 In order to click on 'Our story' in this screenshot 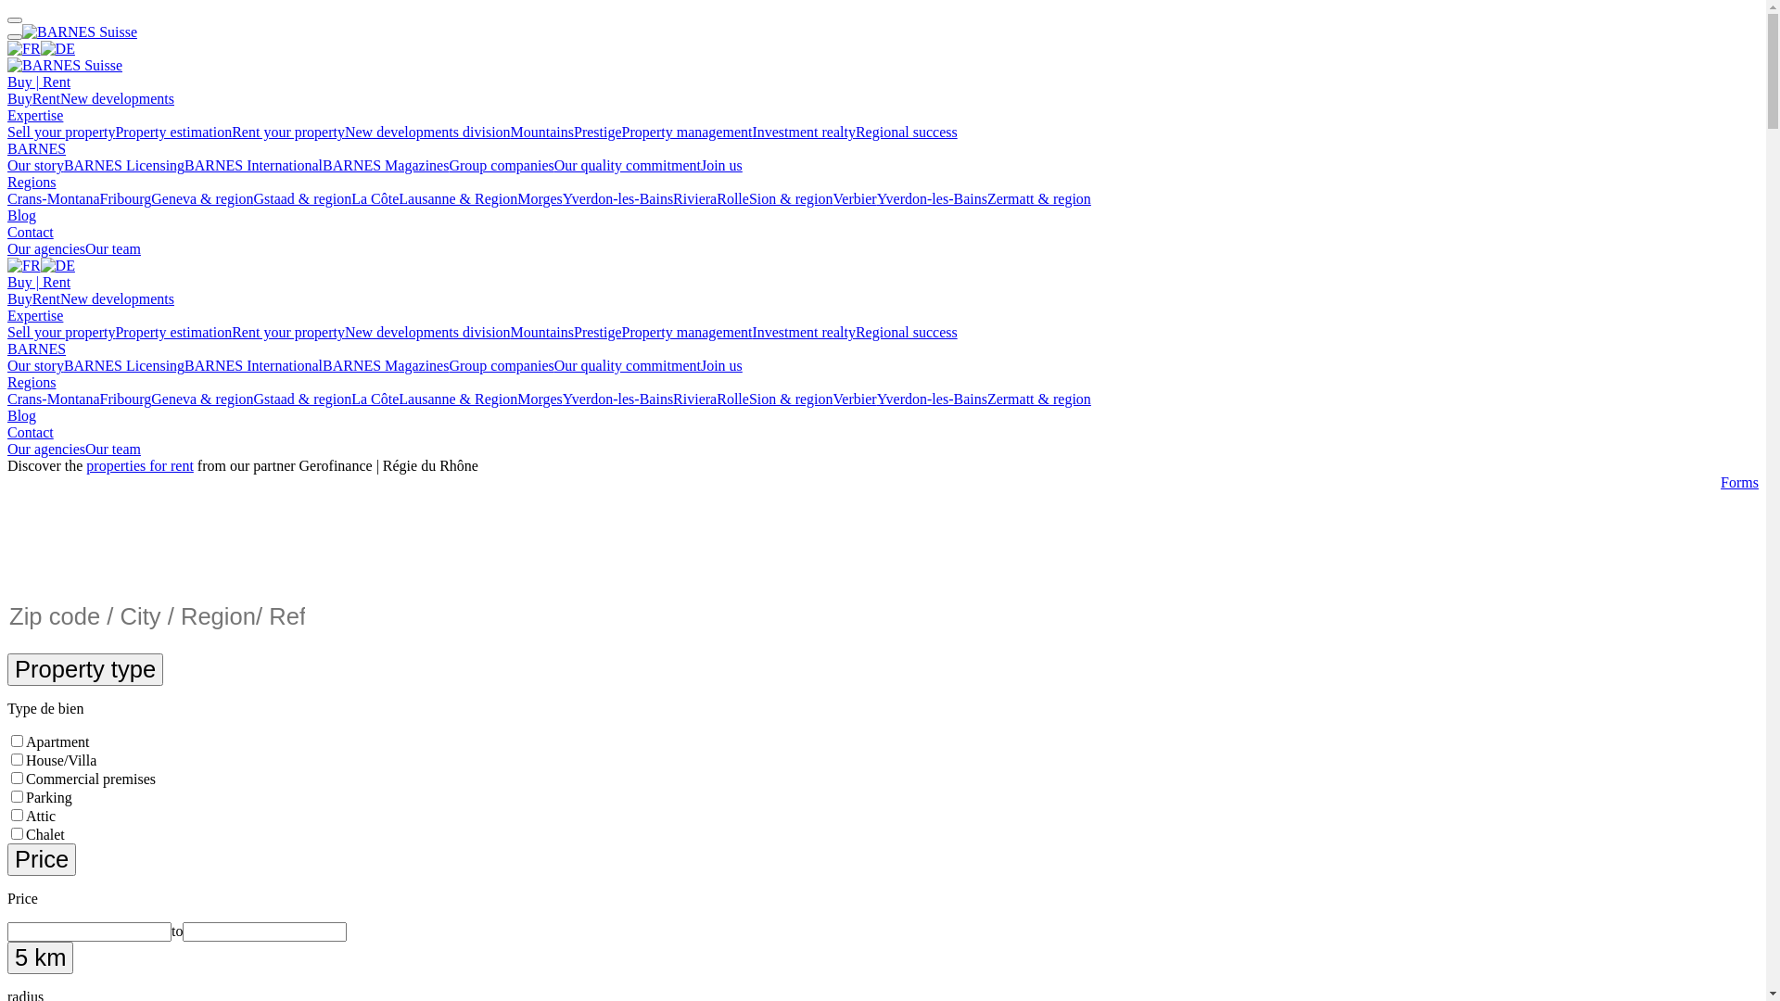, I will do `click(35, 365)`.